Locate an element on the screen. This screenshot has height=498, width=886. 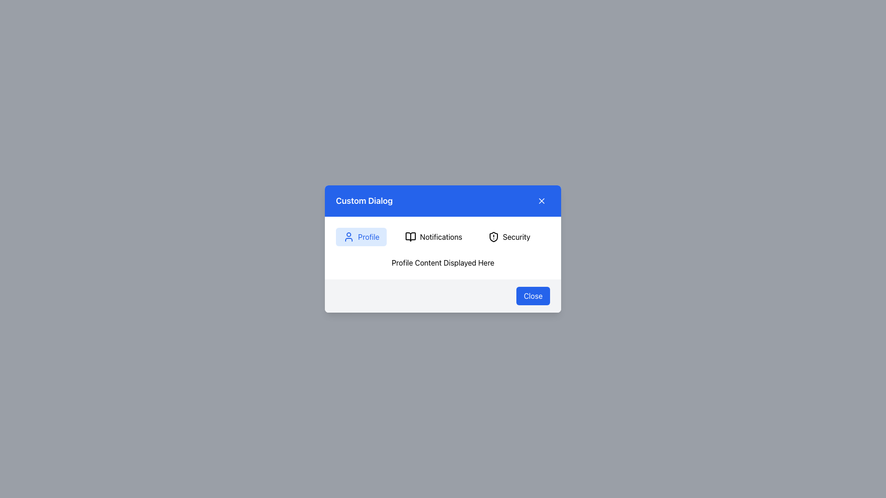
the graphical icon representing the 'close' button located in the top-right corner of the dialog box is located at coordinates (542, 200).